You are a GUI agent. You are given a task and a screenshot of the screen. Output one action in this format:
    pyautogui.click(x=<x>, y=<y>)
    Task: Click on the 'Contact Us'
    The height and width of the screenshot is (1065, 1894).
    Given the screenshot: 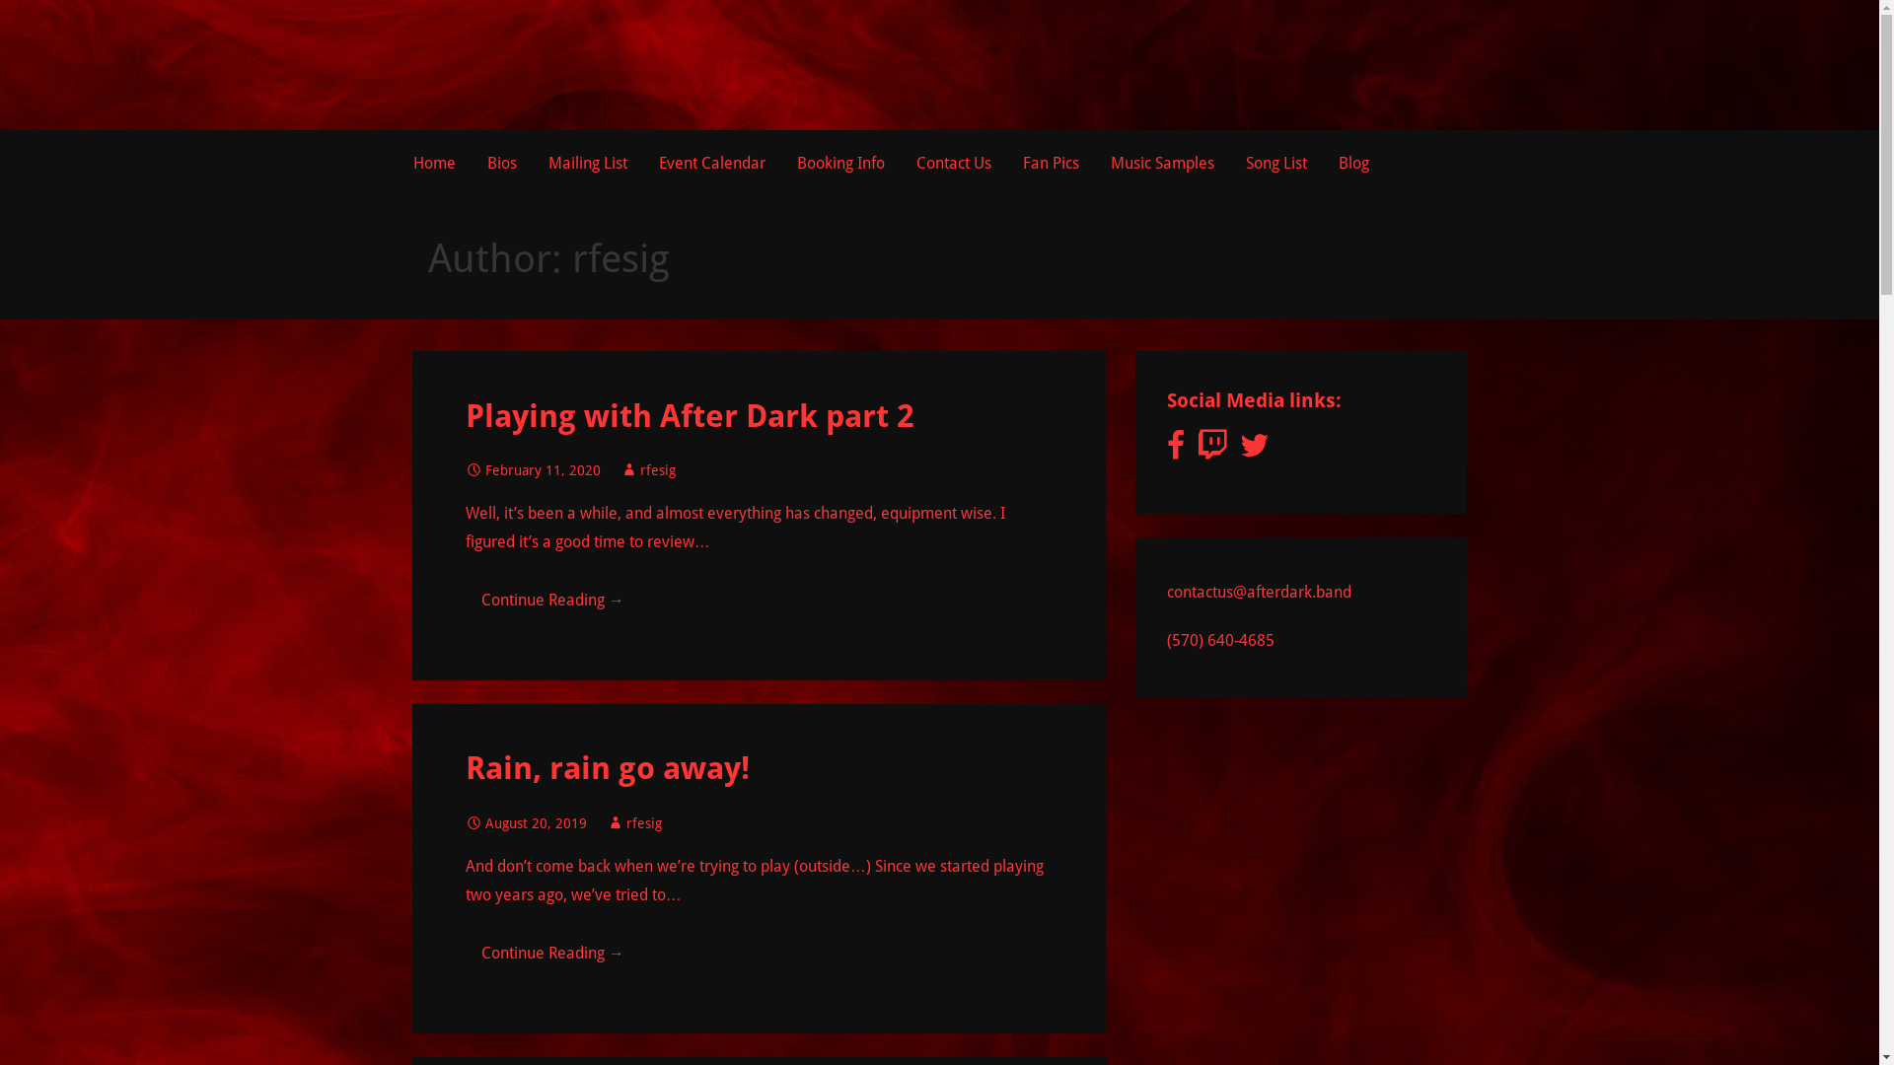 What is the action you would take?
    pyautogui.click(x=952, y=162)
    